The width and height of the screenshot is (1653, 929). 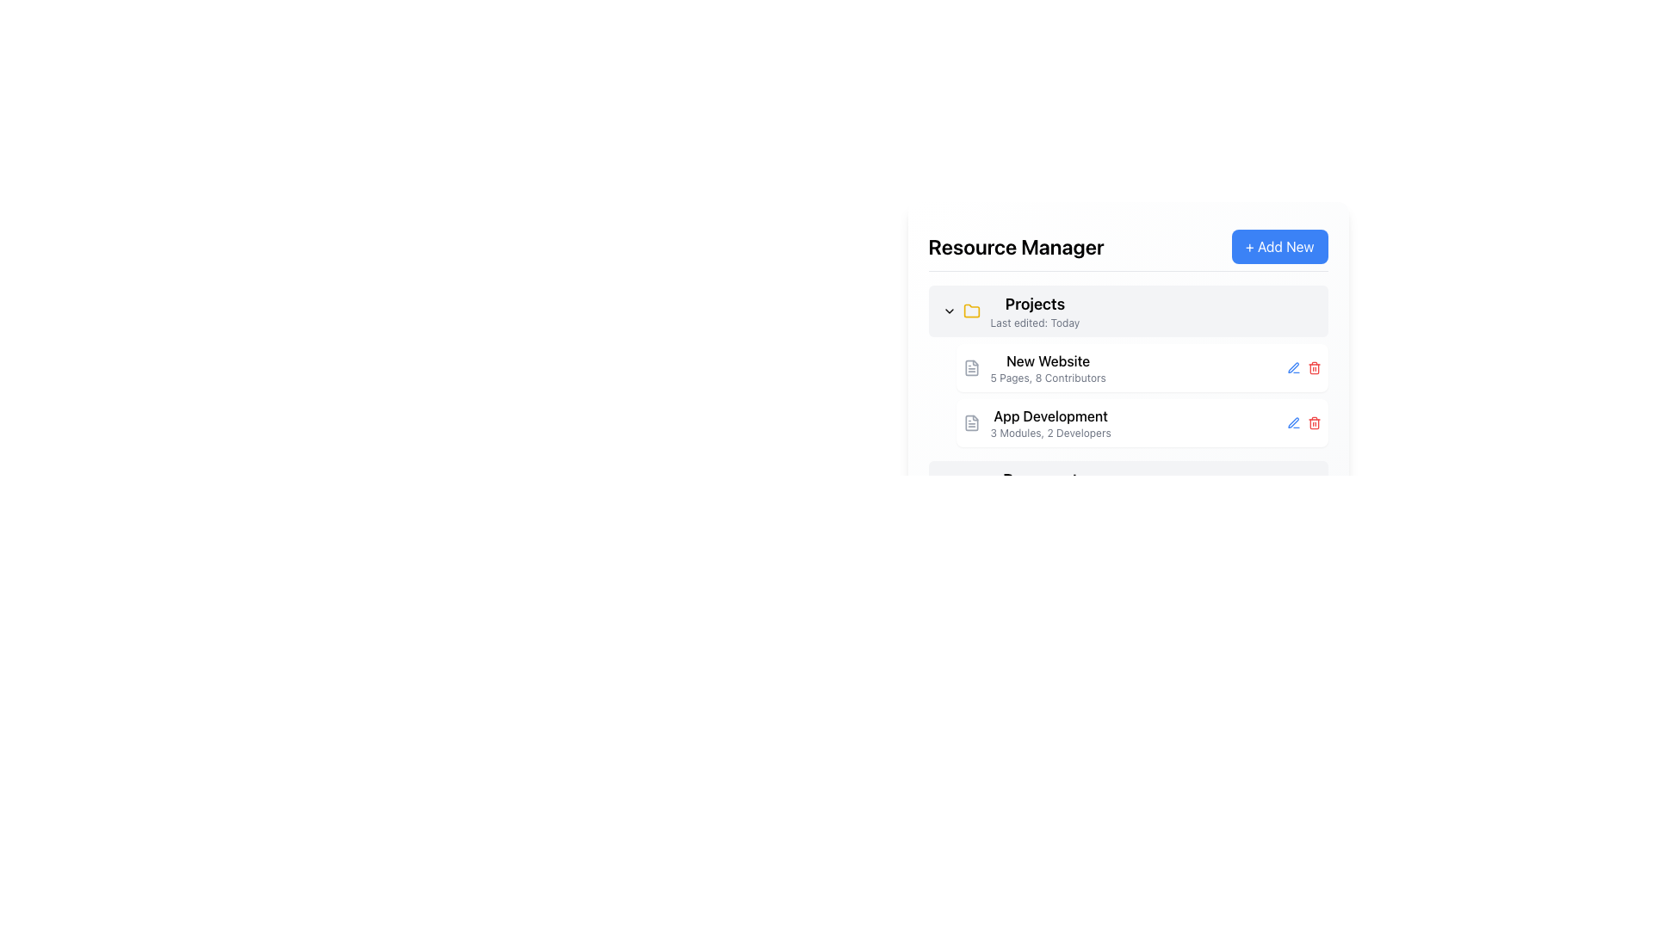 I want to click on the red trash bin icon, which is the third icon in the group of action icons to the right of the 'New Website' project entry, so click(x=1313, y=367).